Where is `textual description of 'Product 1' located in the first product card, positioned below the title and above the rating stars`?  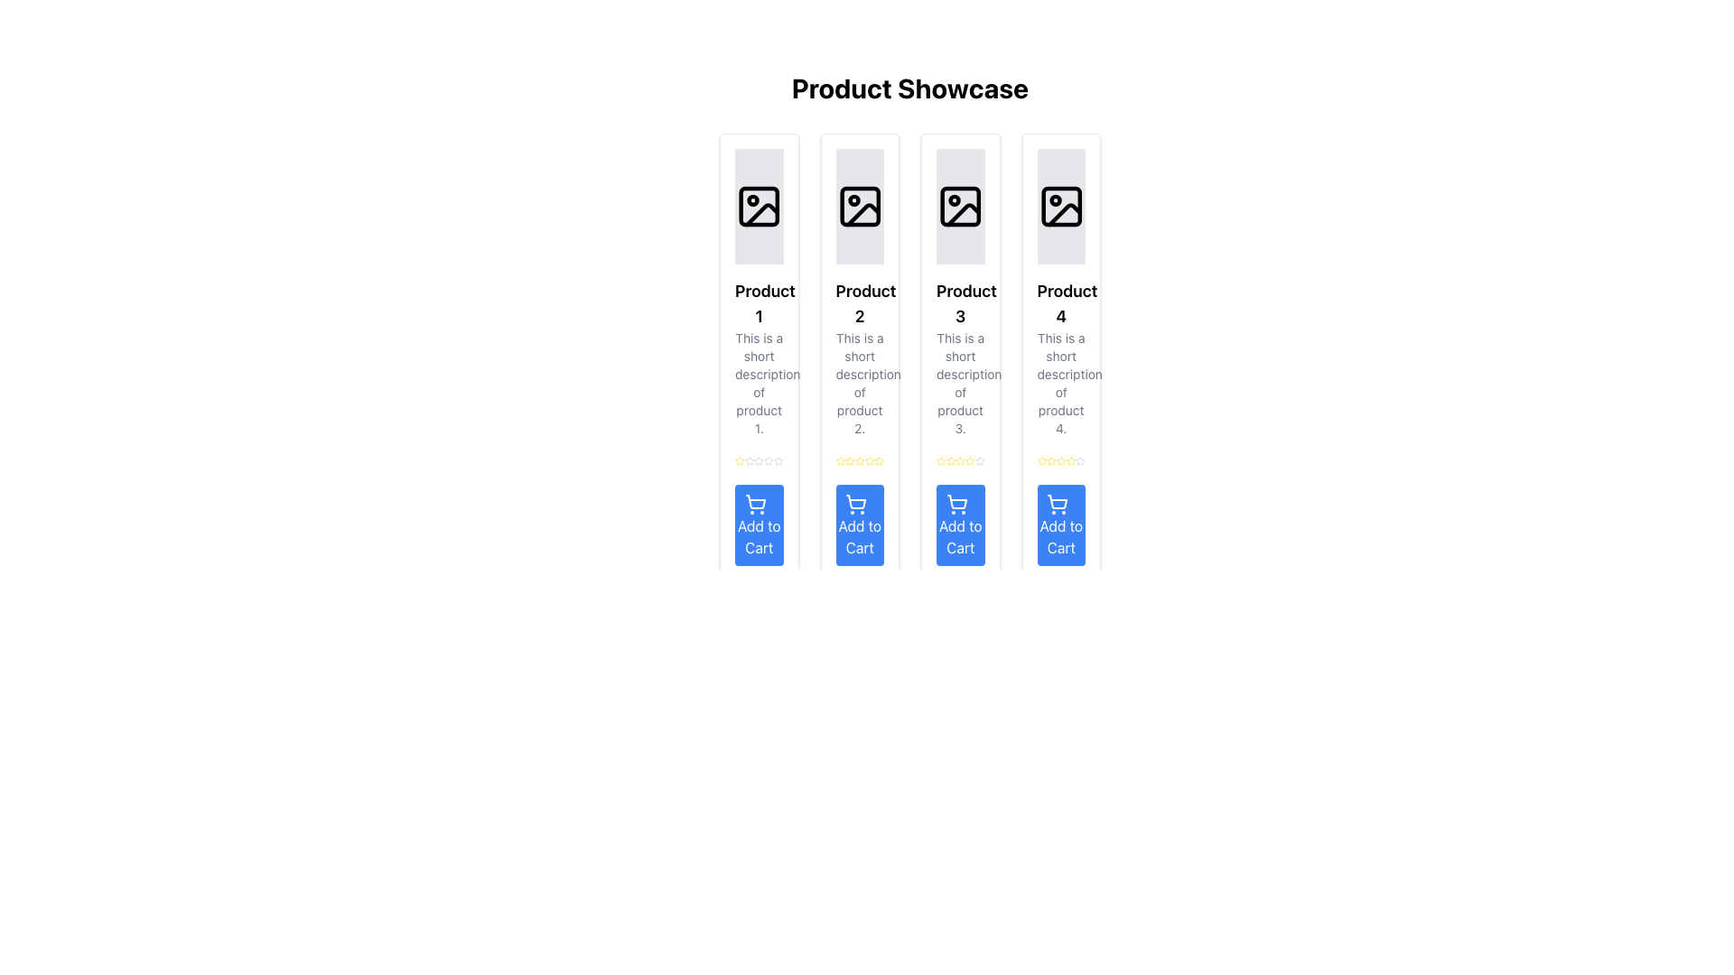
textual description of 'Product 1' located in the first product card, positioned below the title and above the rating stars is located at coordinates (759, 382).